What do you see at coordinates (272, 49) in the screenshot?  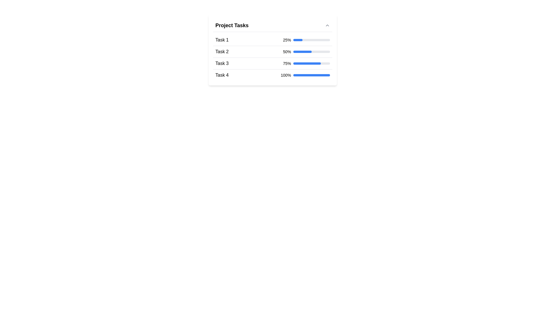 I see `the progress bar element representing 'Task 2' in the project tasks list, which shows its completion percentage` at bounding box center [272, 49].